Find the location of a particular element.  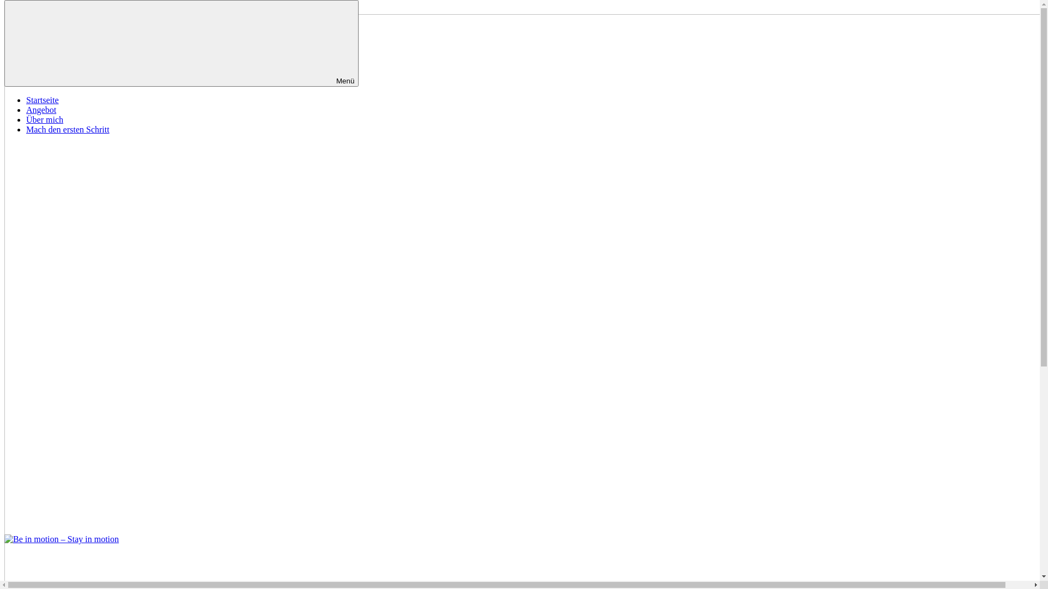

'Angebot' is located at coordinates (41, 110).